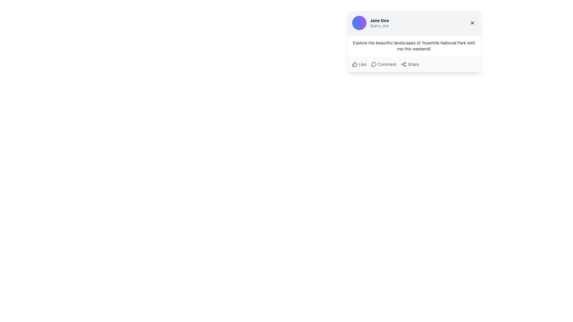  What do you see at coordinates (404, 64) in the screenshot?
I see `the network icon located to the left of the 'Share' label` at bounding box center [404, 64].